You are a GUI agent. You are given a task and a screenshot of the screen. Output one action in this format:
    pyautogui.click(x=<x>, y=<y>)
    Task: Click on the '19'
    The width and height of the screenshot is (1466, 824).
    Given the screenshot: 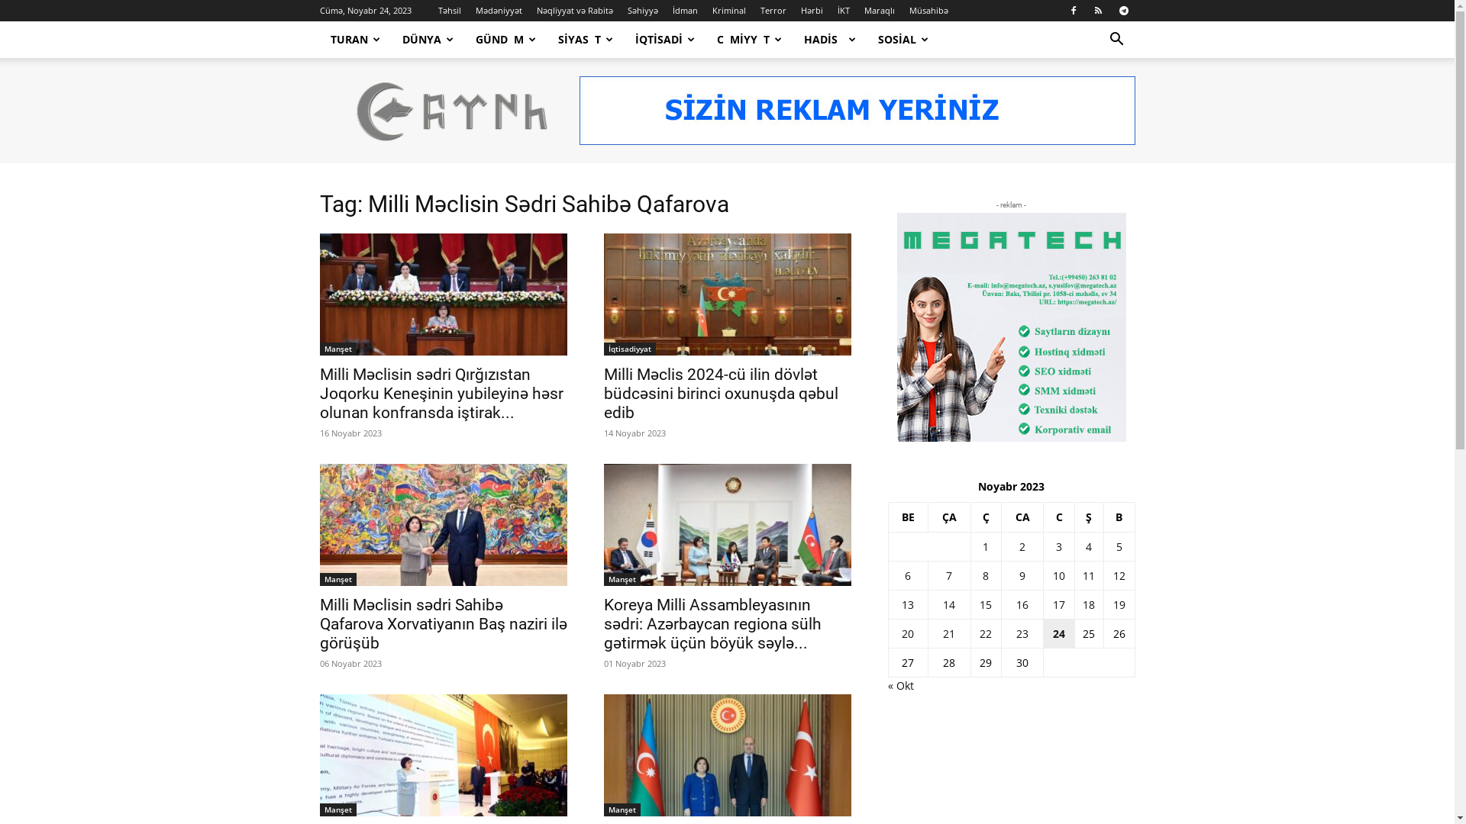 What is the action you would take?
    pyautogui.click(x=1113, y=604)
    